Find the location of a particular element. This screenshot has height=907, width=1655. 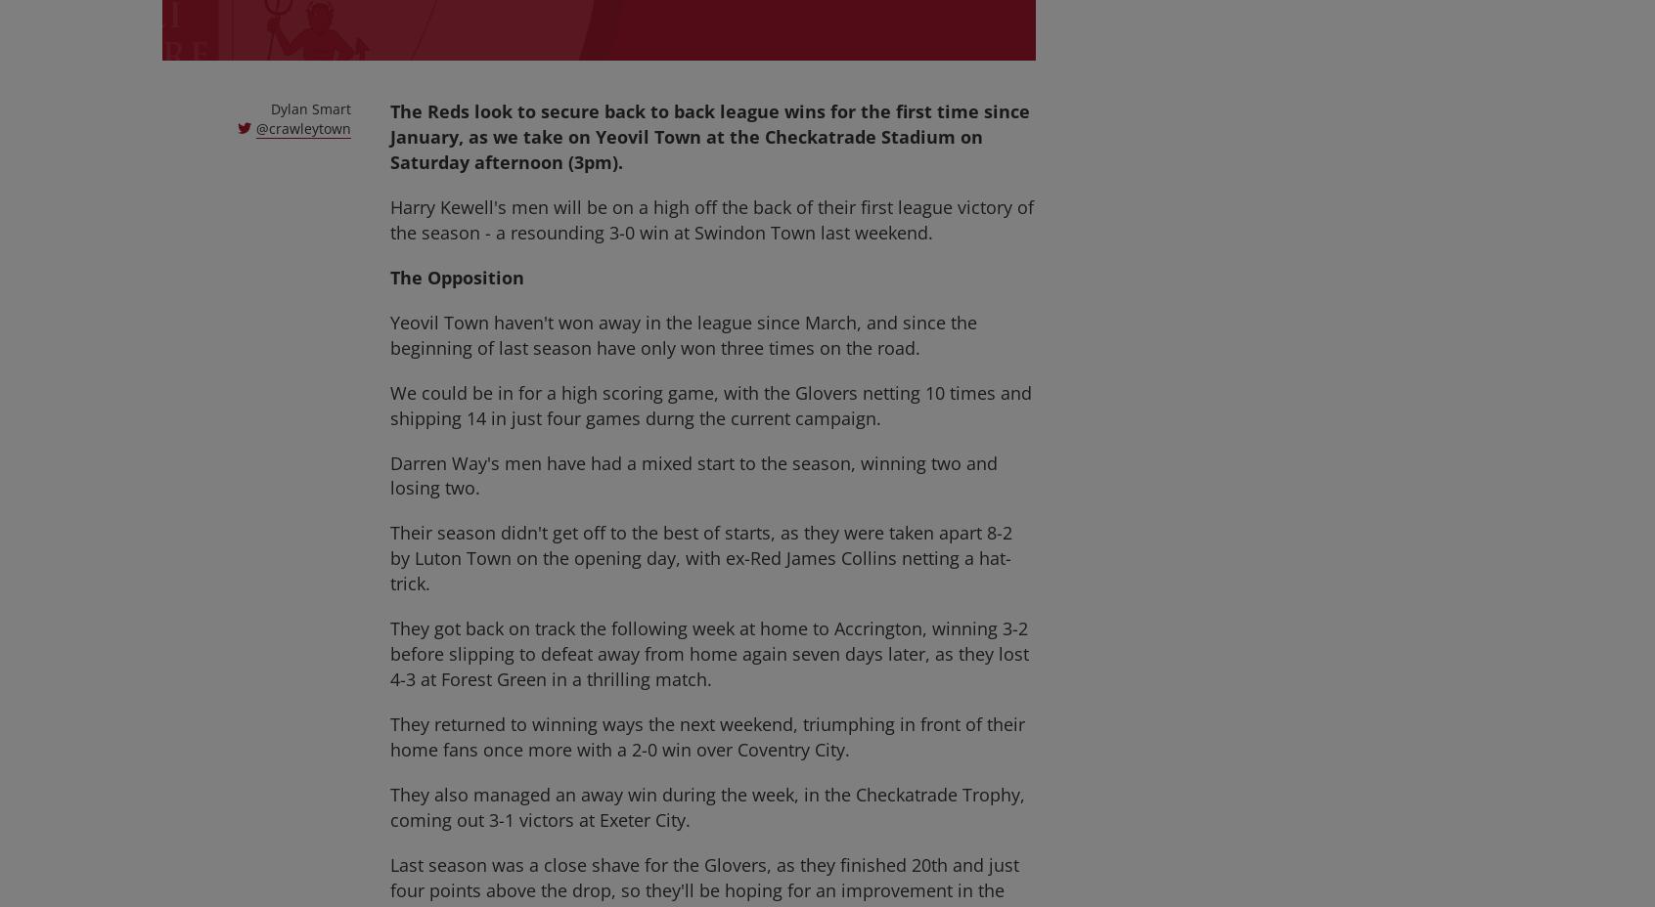

'Harry Kewell's men will be on a high off the back of their first league victory of the season - a resounding 3-0 win at Swindon Town last weekend.' is located at coordinates (711, 219).